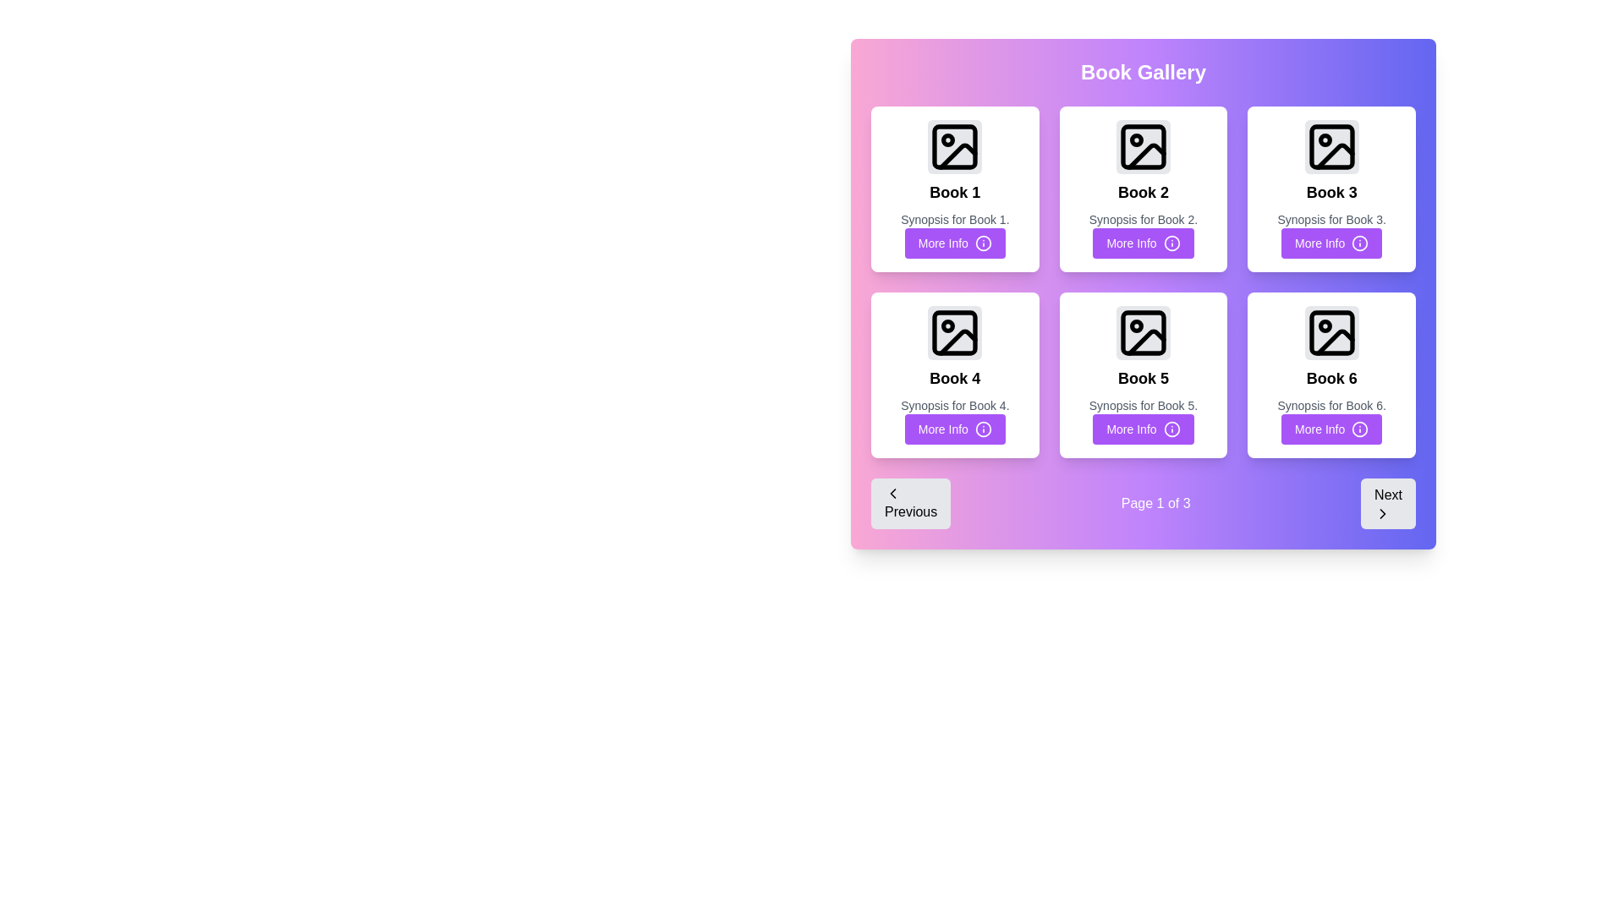 The height and width of the screenshot is (913, 1624). What do you see at coordinates (1144, 332) in the screenshot?
I see `the non-interactive graphic element representing the image placeholder for 'Book 5', located in the second row and second column of the grid layout` at bounding box center [1144, 332].